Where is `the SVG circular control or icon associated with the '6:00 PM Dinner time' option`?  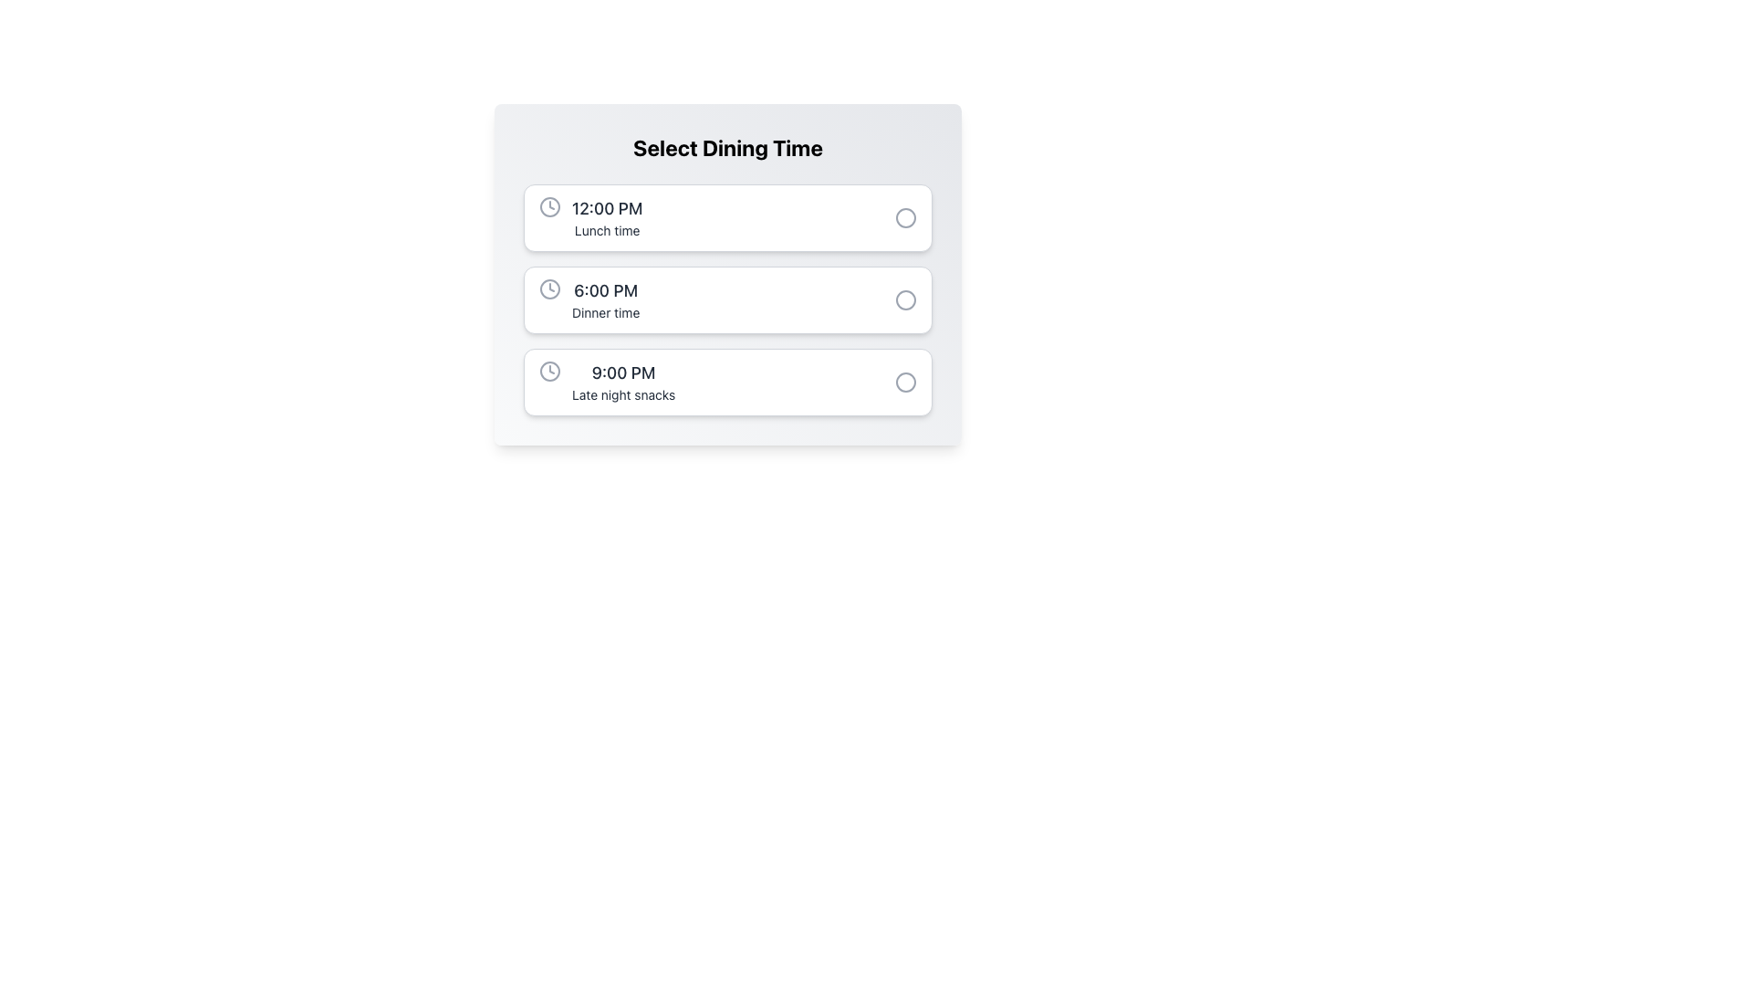 the SVG circular control or icon associated with the '6:00 PM Dinner time' option is located at coordinates (906, 299).